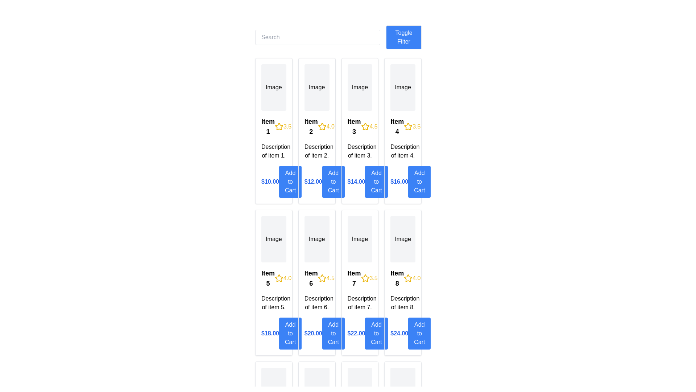 The height and width of the screenshot is (392, 696). I want to click on the numerical rating display styled in yellow with a star icon indicating a rating of 4.0, located at the bottom-left section of the second row of a grid, adjacent to 'Item 5', so click(283, 278).